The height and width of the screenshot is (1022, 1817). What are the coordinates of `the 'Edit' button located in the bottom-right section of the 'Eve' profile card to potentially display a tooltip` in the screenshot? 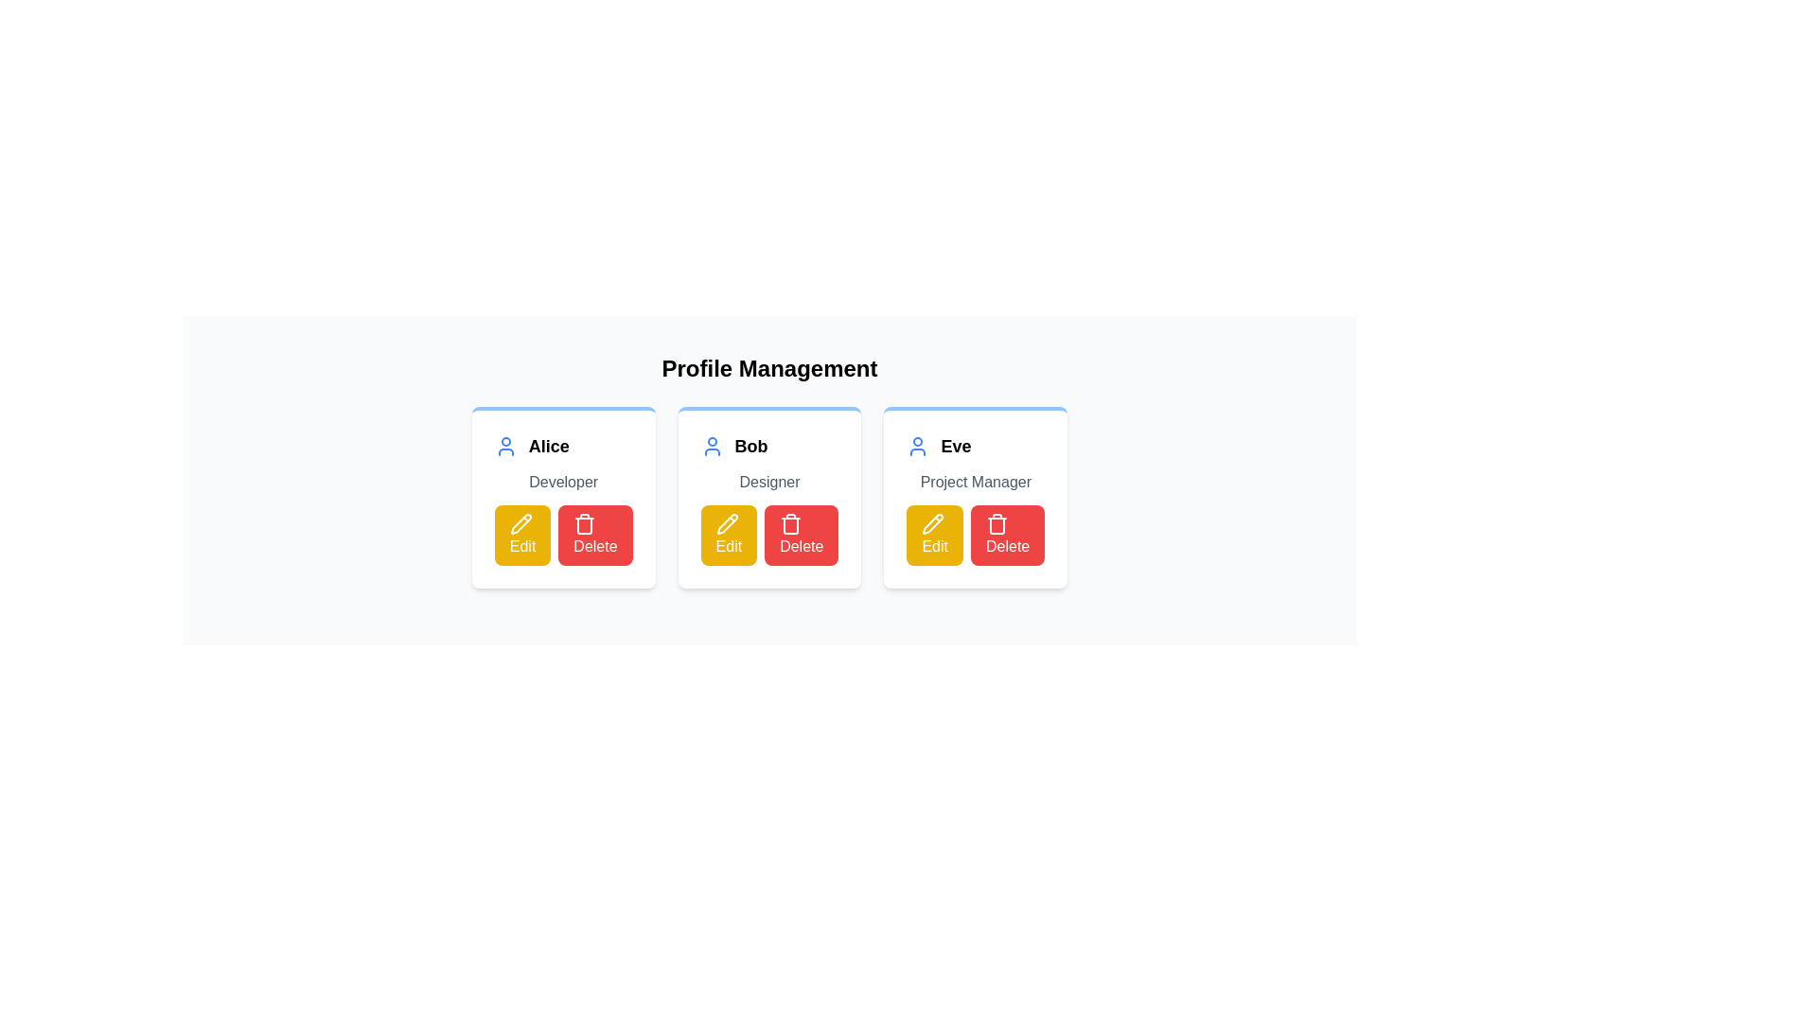 It's located at (935, 536).